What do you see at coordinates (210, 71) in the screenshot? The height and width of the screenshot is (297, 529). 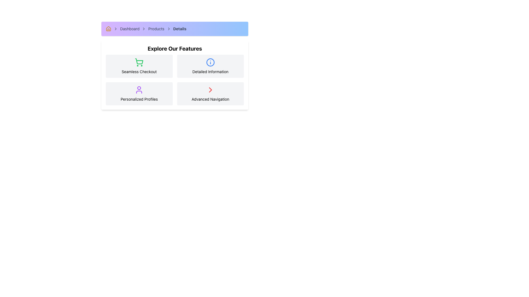 I see `the text label displaying 'Detailed Information' located under the information icon in the second column of the 'Explore Our Features' section` at bounding box center [210, 71].